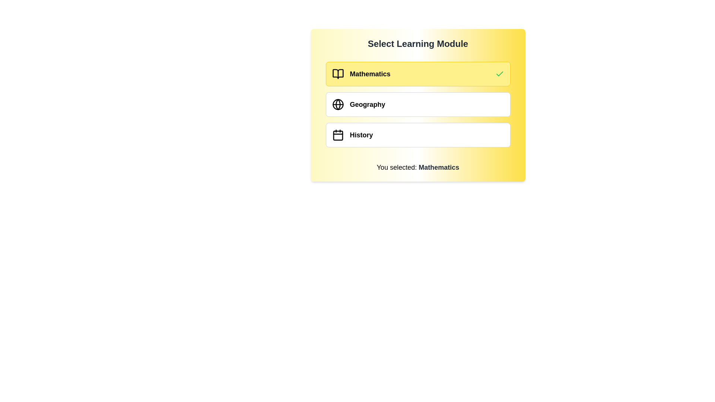 The image size is (715, 402). Describe the element at coordinates (418, 105) in the screenshot. I see `the 'Geography' selectable card located below the 'Mathematics' card and above the 'History' card in the 'Select Learning Module' list` at that location.